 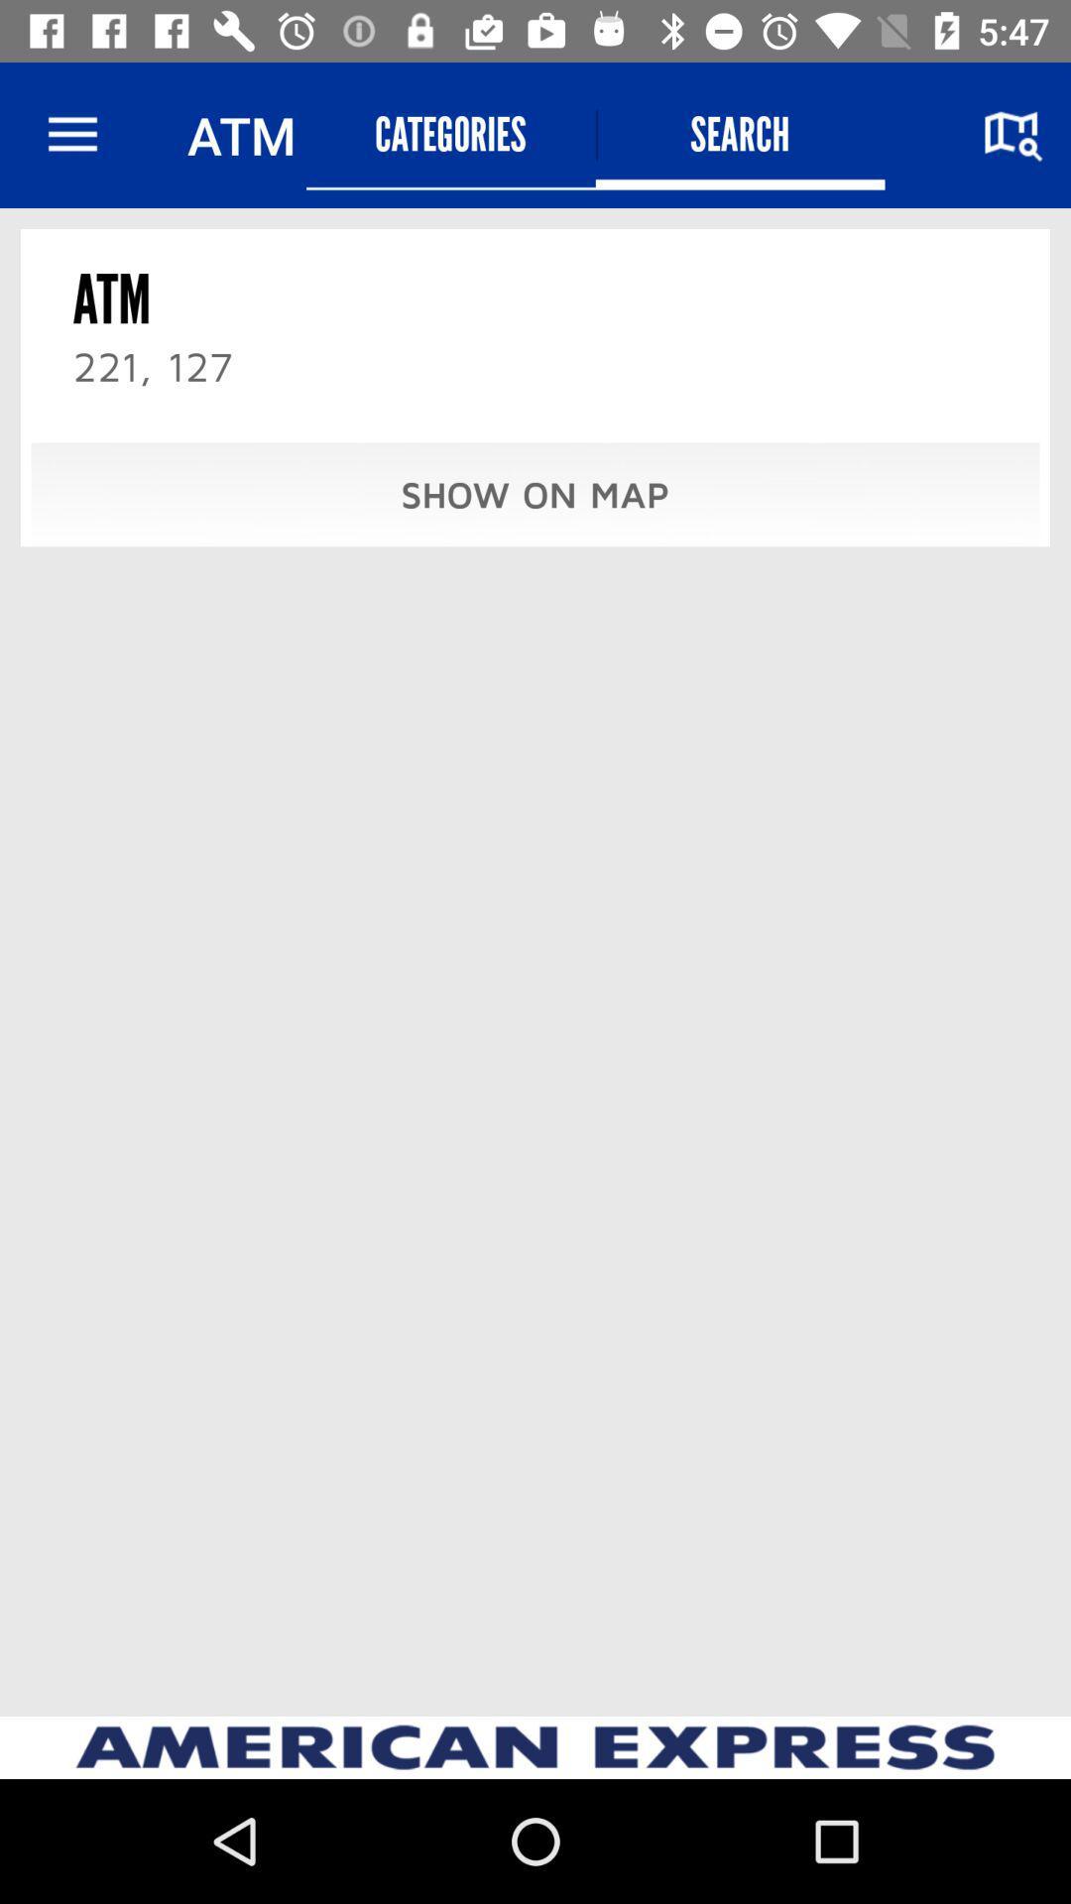 I want to click on icon next to categories, so click(x=740, y=134).